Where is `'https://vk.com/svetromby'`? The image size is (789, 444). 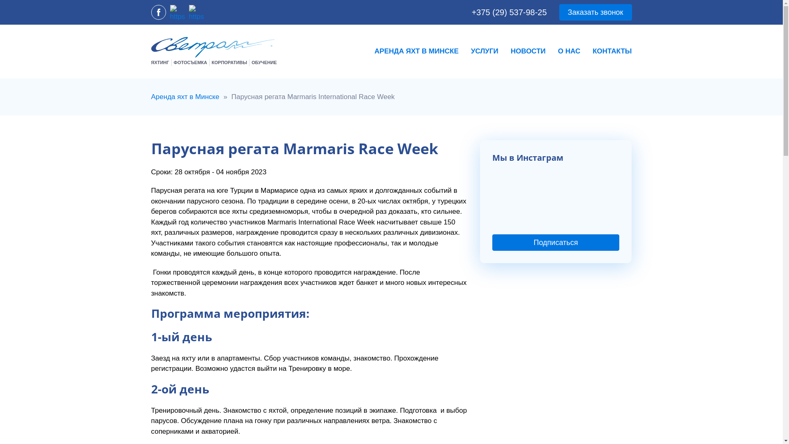
'https://vk.com/svetromby' is located at coordinates (196, 12).